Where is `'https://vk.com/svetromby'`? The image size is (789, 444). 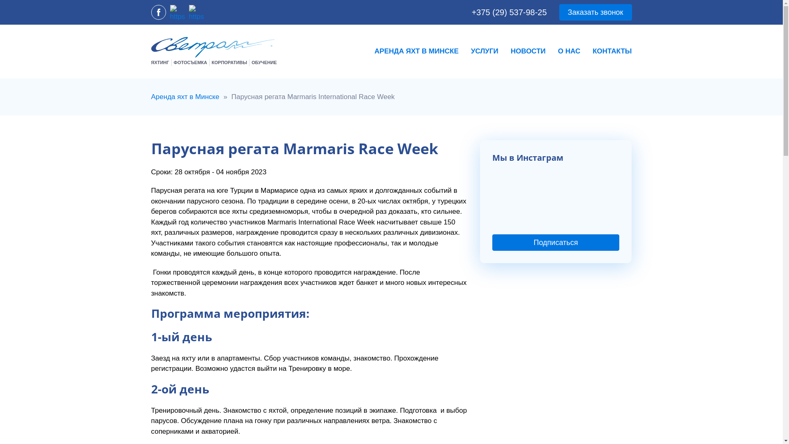
'https://vk.com/svetromby' is located at coordinates (196, 12).